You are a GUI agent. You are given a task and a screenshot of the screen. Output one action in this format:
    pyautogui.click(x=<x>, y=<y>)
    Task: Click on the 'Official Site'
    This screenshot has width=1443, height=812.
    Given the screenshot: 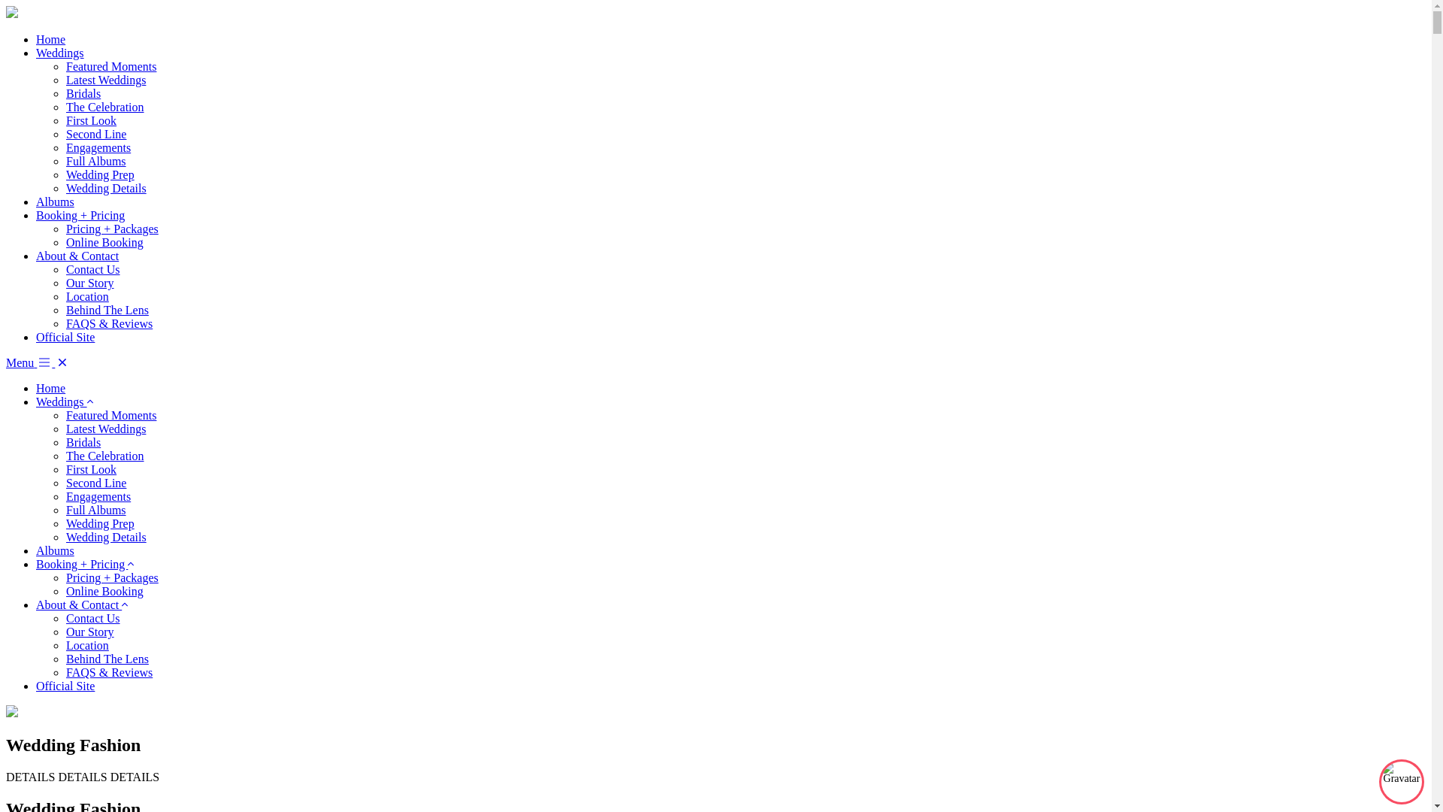 What is the action you would take?
    pyautogui.click(x=64, y=686)
    